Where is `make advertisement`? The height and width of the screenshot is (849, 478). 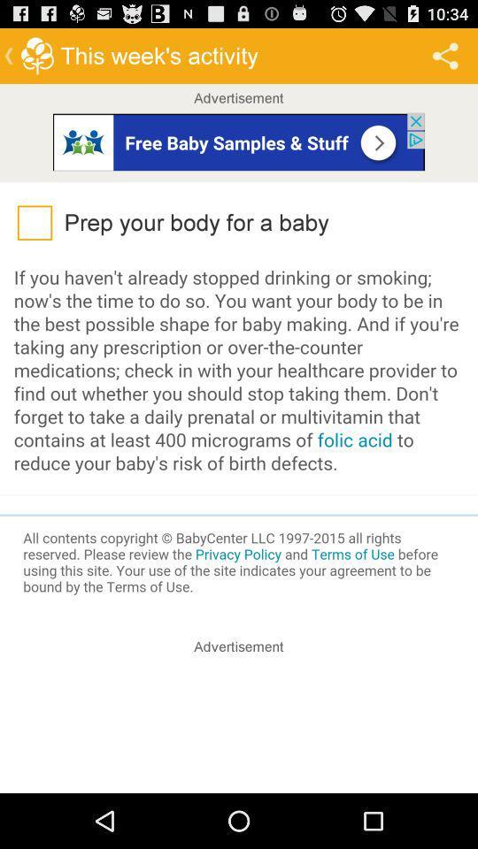
make advertisement is located at coordinates (239, 727).